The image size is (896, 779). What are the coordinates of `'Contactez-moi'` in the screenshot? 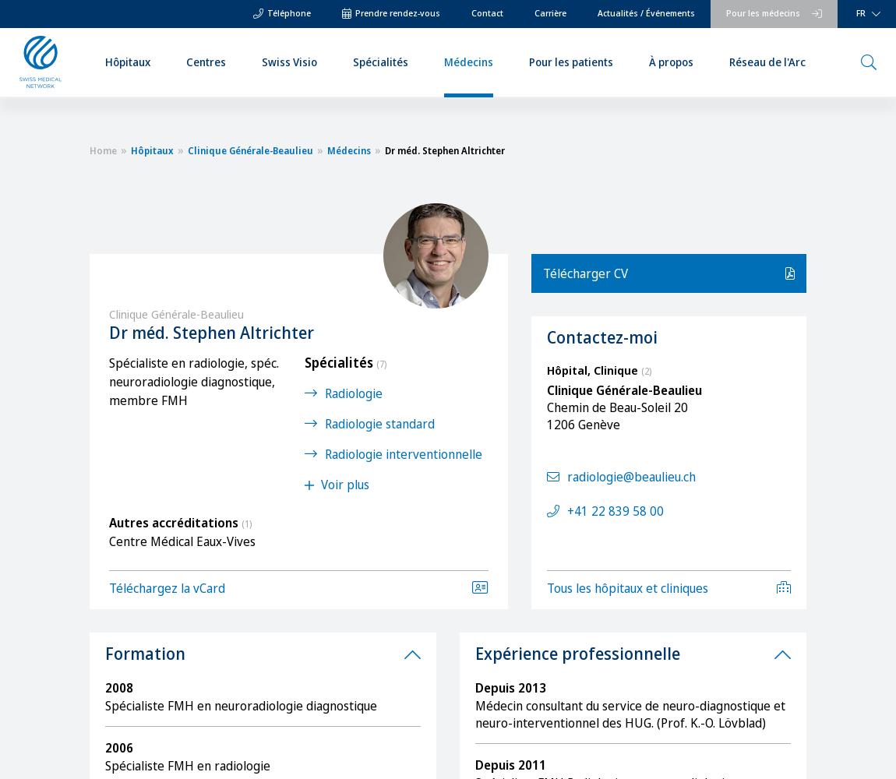 It's located at (601, 337).